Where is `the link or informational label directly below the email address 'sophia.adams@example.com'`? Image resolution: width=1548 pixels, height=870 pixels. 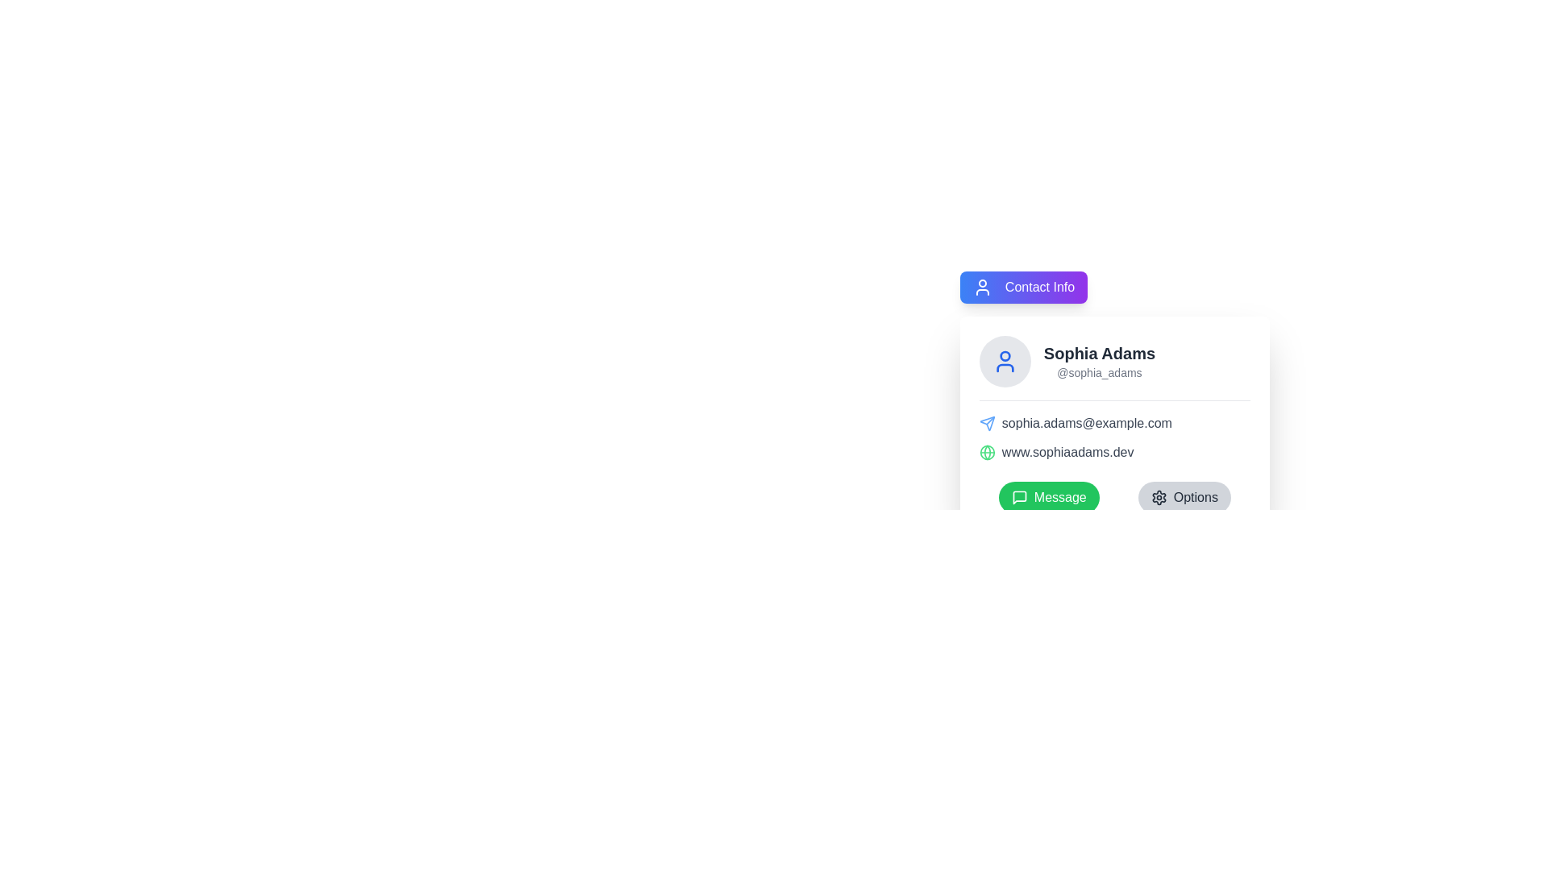 the link or informational label directly below the email address 'sophia.adams@example.com' is located at coordinates (1113, 453).